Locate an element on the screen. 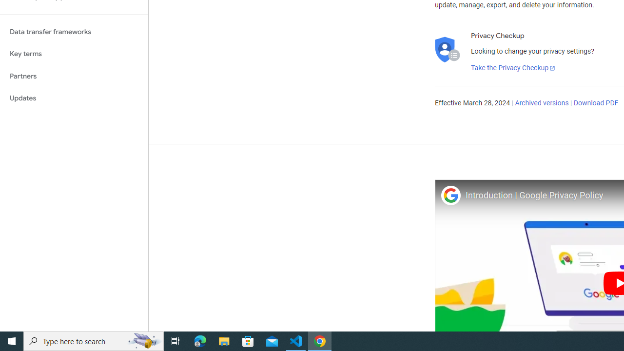 This screenshot has width=624, height=351. 'Archived versions' is located at coordinates (541, 103).